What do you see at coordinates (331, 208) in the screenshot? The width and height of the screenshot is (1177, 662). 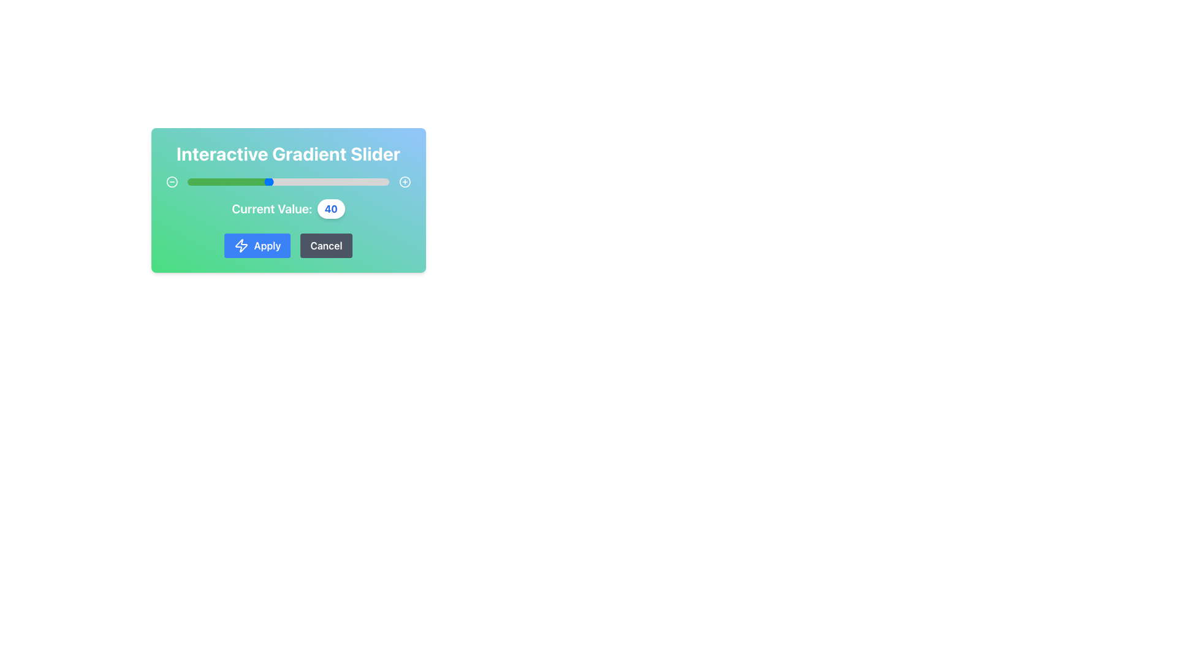 I see `the label displaying the number '40' in a bold blue font, which is prominently located beside the text 'Current Value:'` at bounding box center [331, 208].